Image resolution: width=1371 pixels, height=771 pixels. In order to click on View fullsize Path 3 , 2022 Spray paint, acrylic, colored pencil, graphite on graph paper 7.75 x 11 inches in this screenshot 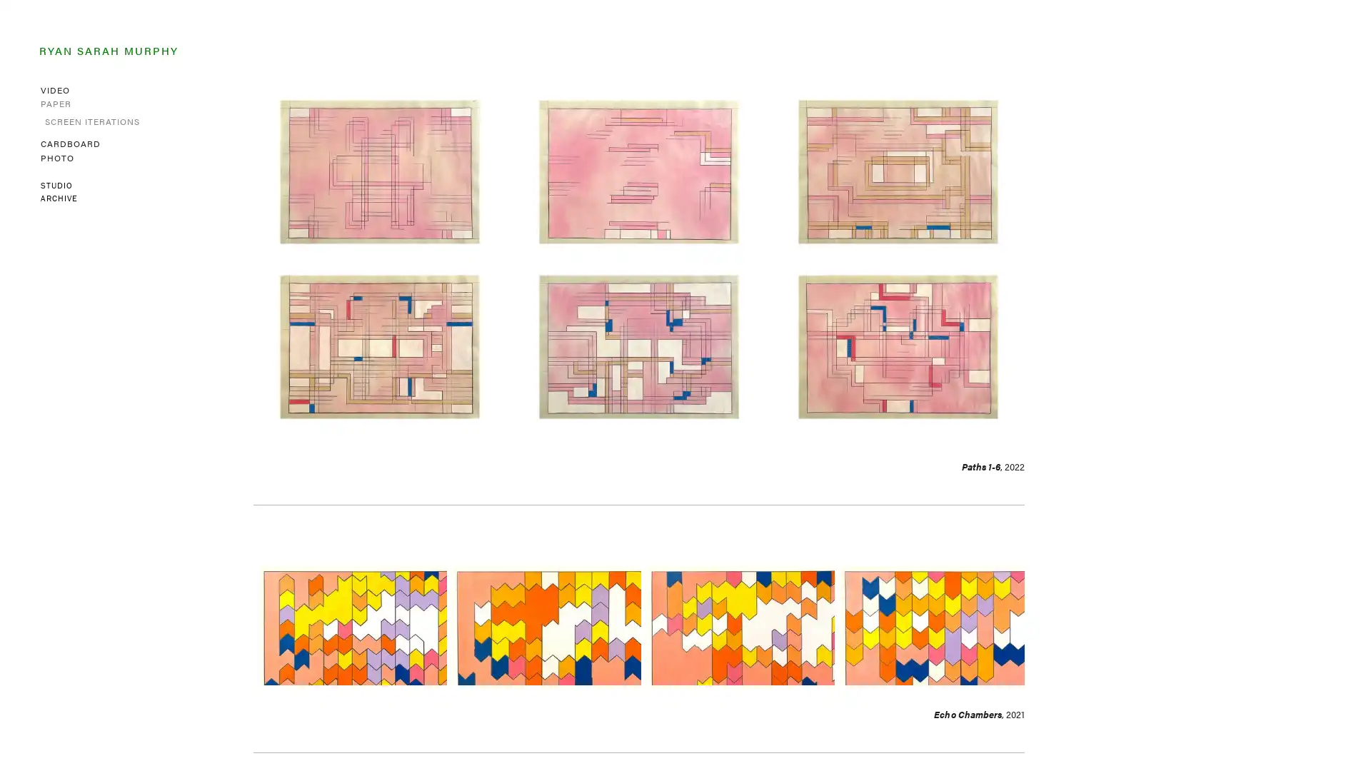, I will do `click(897, 171)`.